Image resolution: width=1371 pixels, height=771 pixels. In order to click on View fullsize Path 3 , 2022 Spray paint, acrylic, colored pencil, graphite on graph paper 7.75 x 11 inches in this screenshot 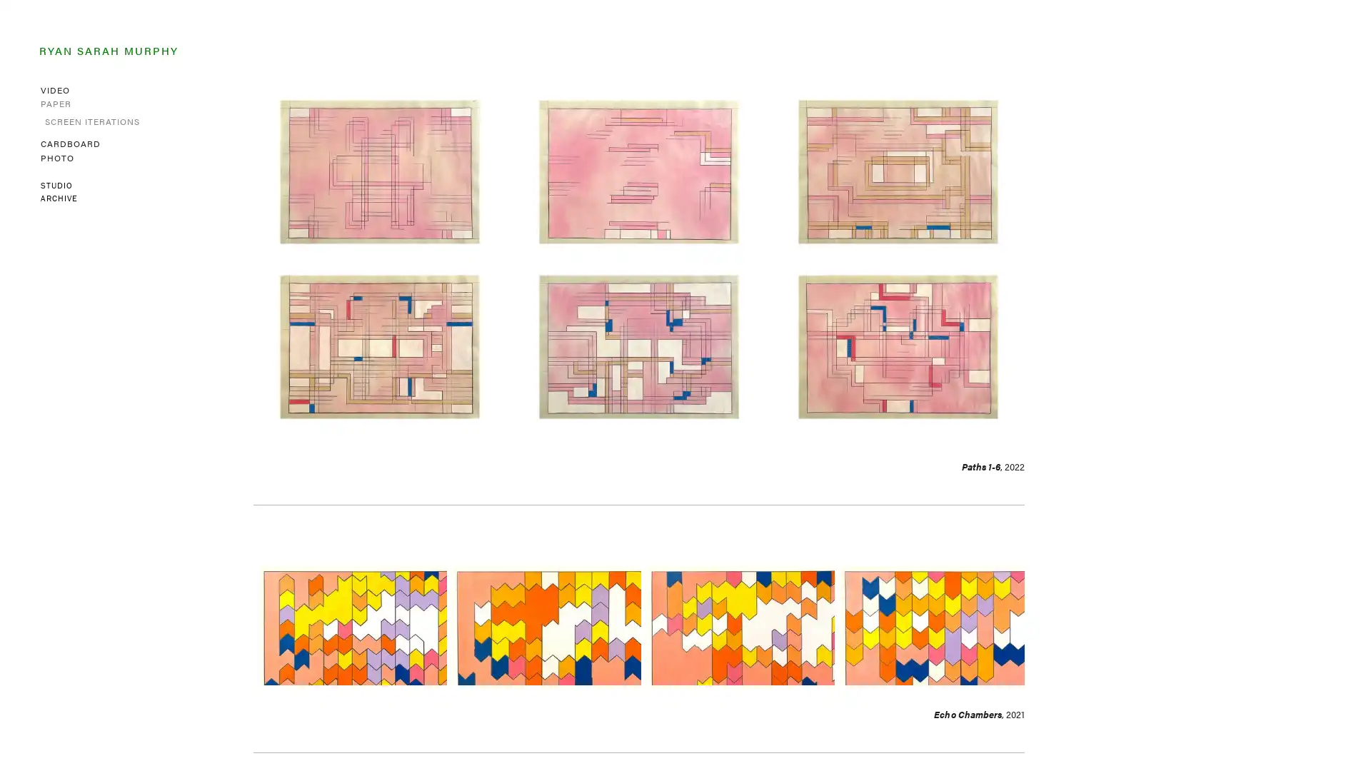, I will do `click(897, 171)`.